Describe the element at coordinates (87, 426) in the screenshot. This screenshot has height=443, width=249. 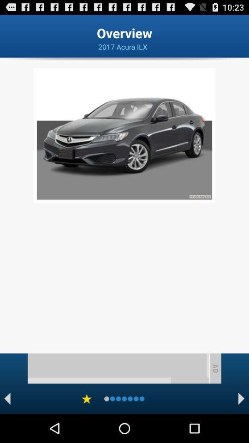
I see `the star icon` at that location.